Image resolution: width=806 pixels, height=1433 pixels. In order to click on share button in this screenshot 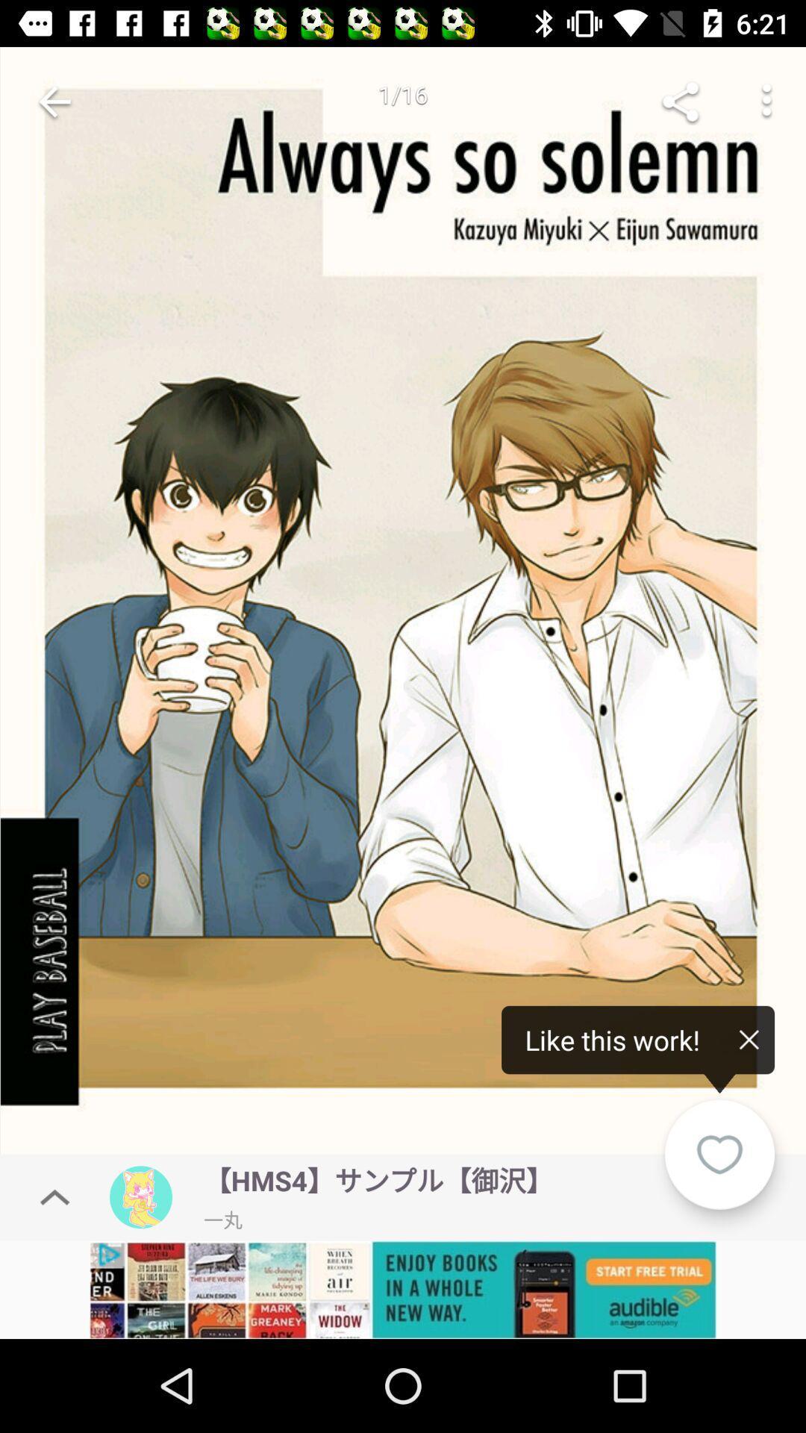, I will do `click(680, 101)`.